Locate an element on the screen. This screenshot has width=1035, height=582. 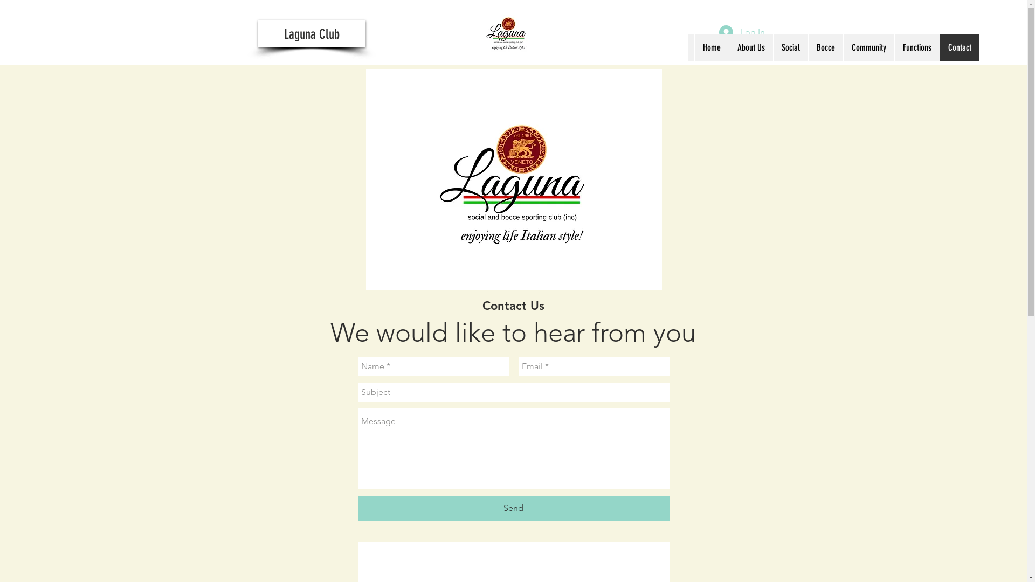
'Home' is located at coordinates (712, 47).